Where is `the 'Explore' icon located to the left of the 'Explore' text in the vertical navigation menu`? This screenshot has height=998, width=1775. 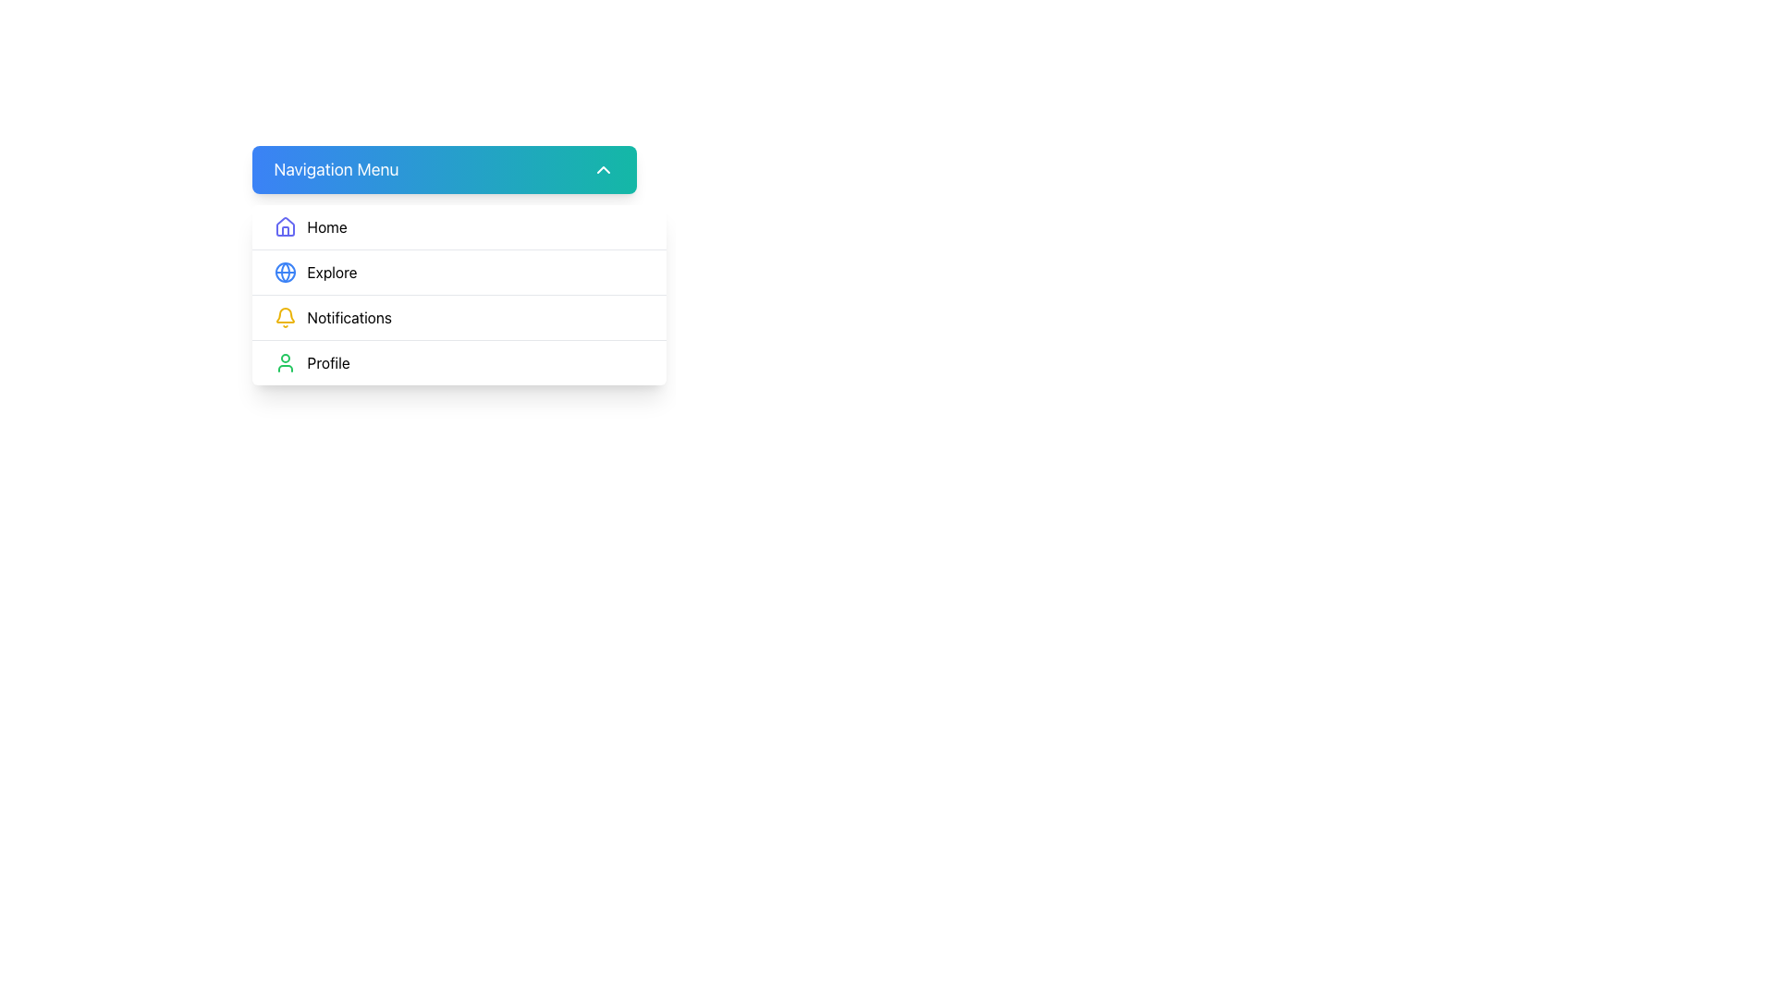 the 'Explore' icon located to the left of the 'Explore' text in the vertical navigation menu is located at coordinates (284, 272).